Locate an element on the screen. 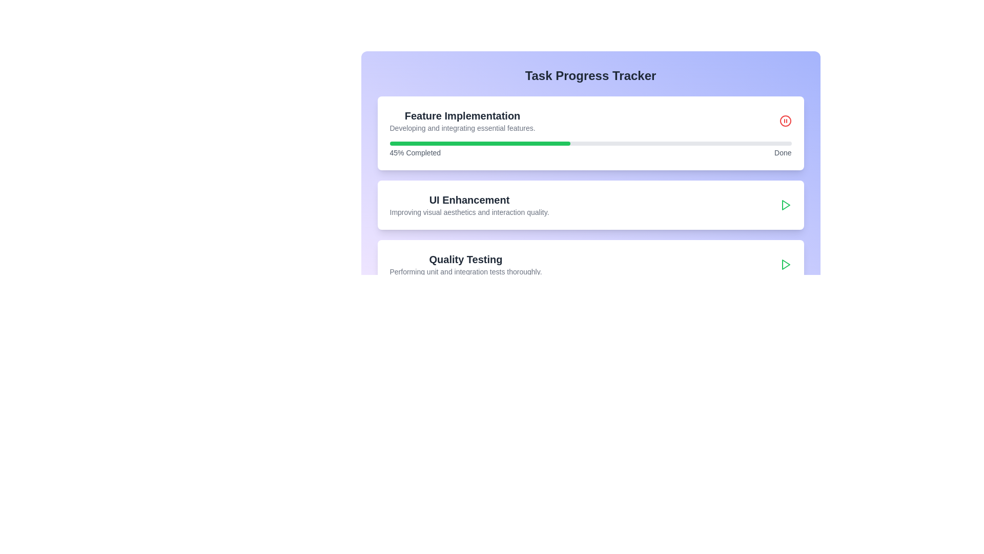  the green play icon button, which is a right-facing triangle located at the far-right side of the 'Quality Testing' section is located at coordinates (785, 264).